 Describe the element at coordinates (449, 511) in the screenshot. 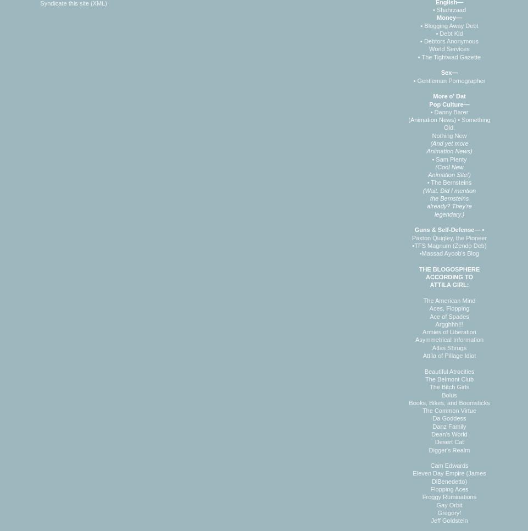

I see `'Gregory!'` at that location.